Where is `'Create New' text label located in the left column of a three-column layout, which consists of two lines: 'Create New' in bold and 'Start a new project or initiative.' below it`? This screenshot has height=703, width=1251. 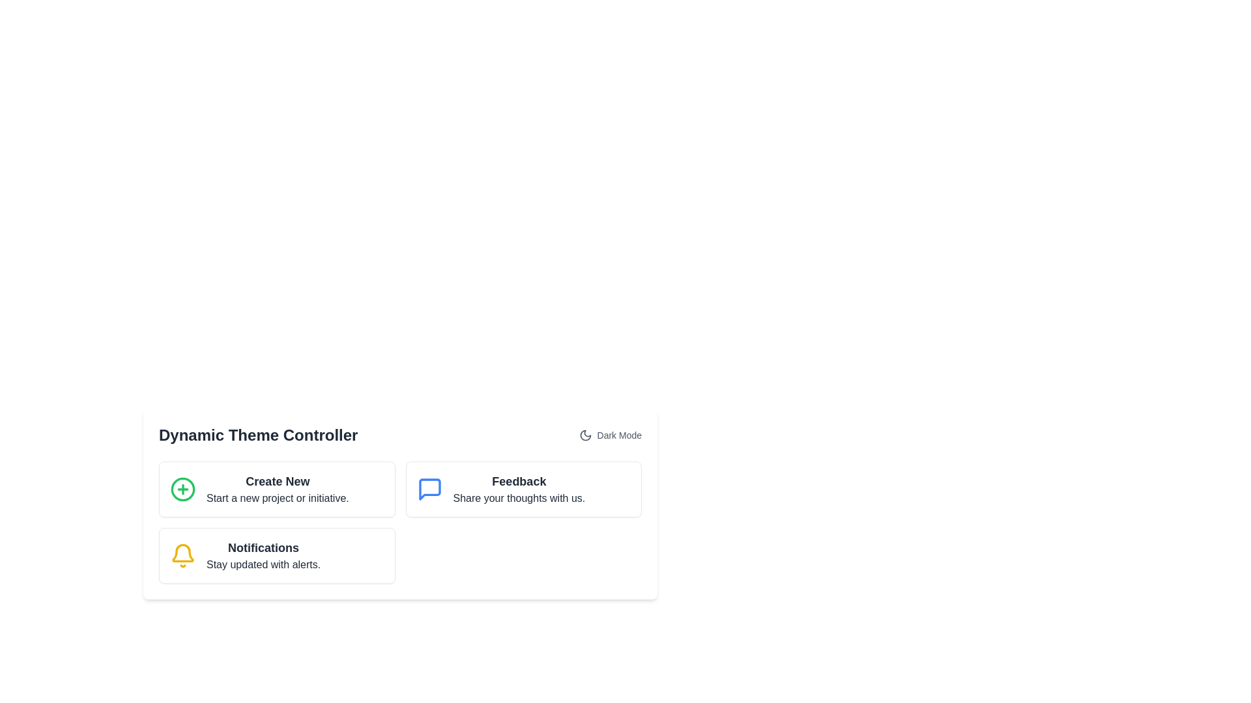
'Create New' text label located in the left column of a three-column layout, which consists of two lines: 'Create New' in bold and 'Start a new project or initiative.' below it is located at coordinates (277, 489).